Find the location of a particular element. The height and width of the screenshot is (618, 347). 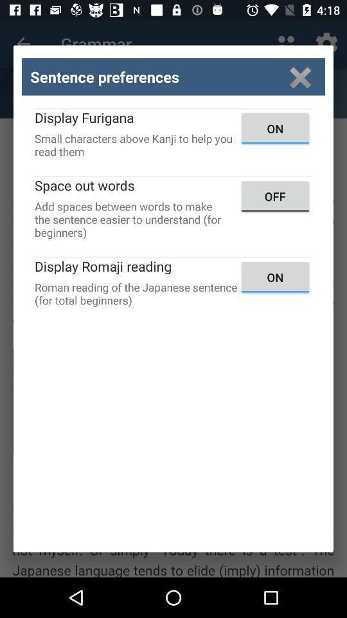

item above display romaji reading icon is located at coordinates (274, 196).